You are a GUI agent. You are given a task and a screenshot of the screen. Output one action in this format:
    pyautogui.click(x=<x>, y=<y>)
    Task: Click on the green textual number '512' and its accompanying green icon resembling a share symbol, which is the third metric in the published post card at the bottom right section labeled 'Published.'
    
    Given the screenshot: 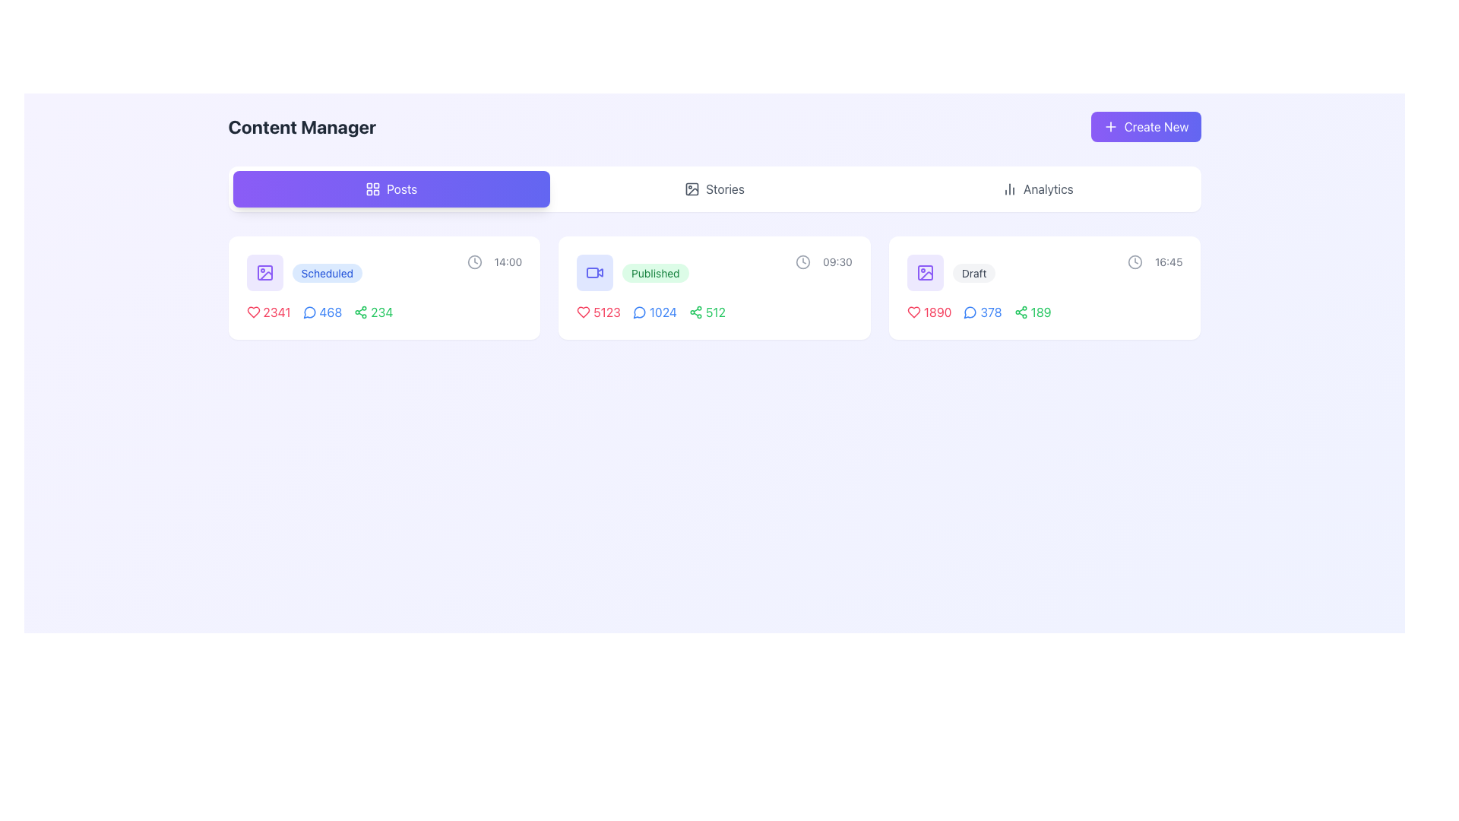 What is the action you would take?
    pyautogui.click(x=706, y=312)
    